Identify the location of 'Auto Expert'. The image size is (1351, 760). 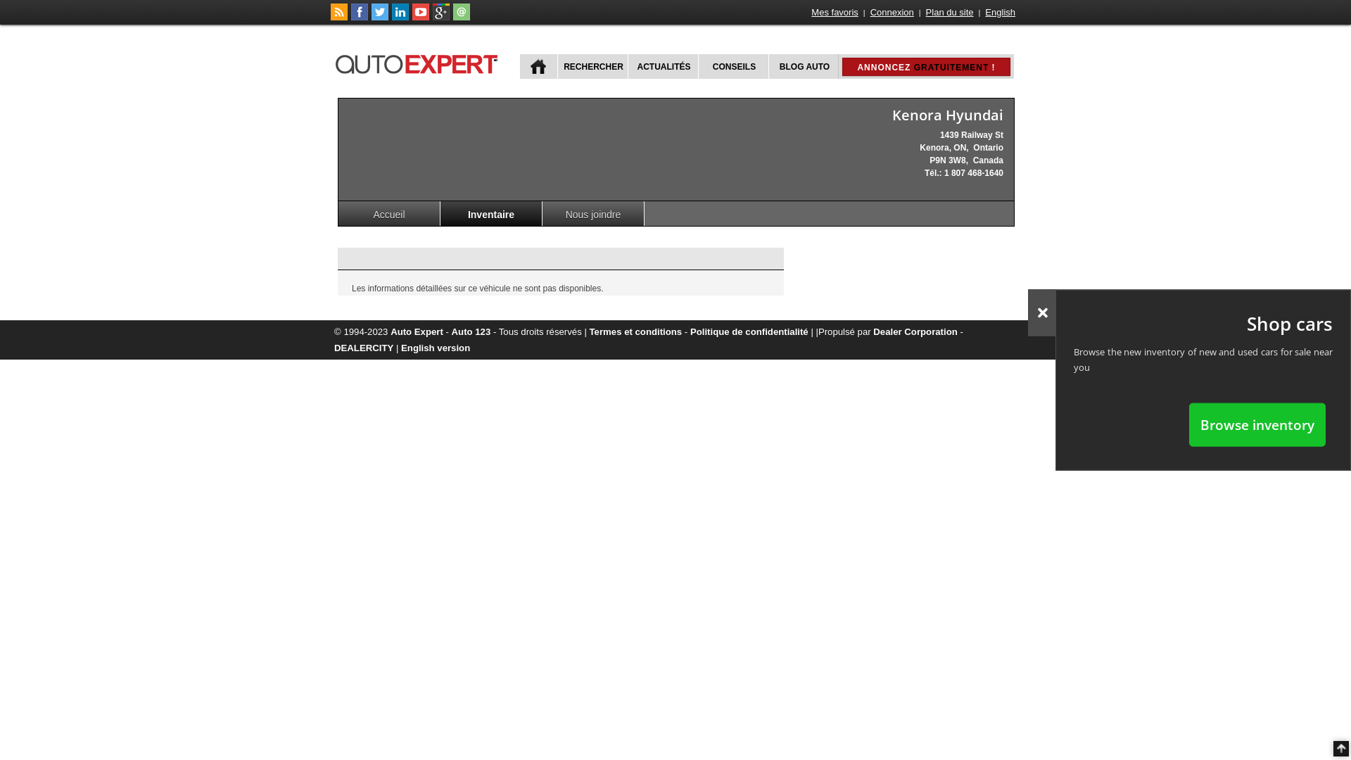
(416, 331).